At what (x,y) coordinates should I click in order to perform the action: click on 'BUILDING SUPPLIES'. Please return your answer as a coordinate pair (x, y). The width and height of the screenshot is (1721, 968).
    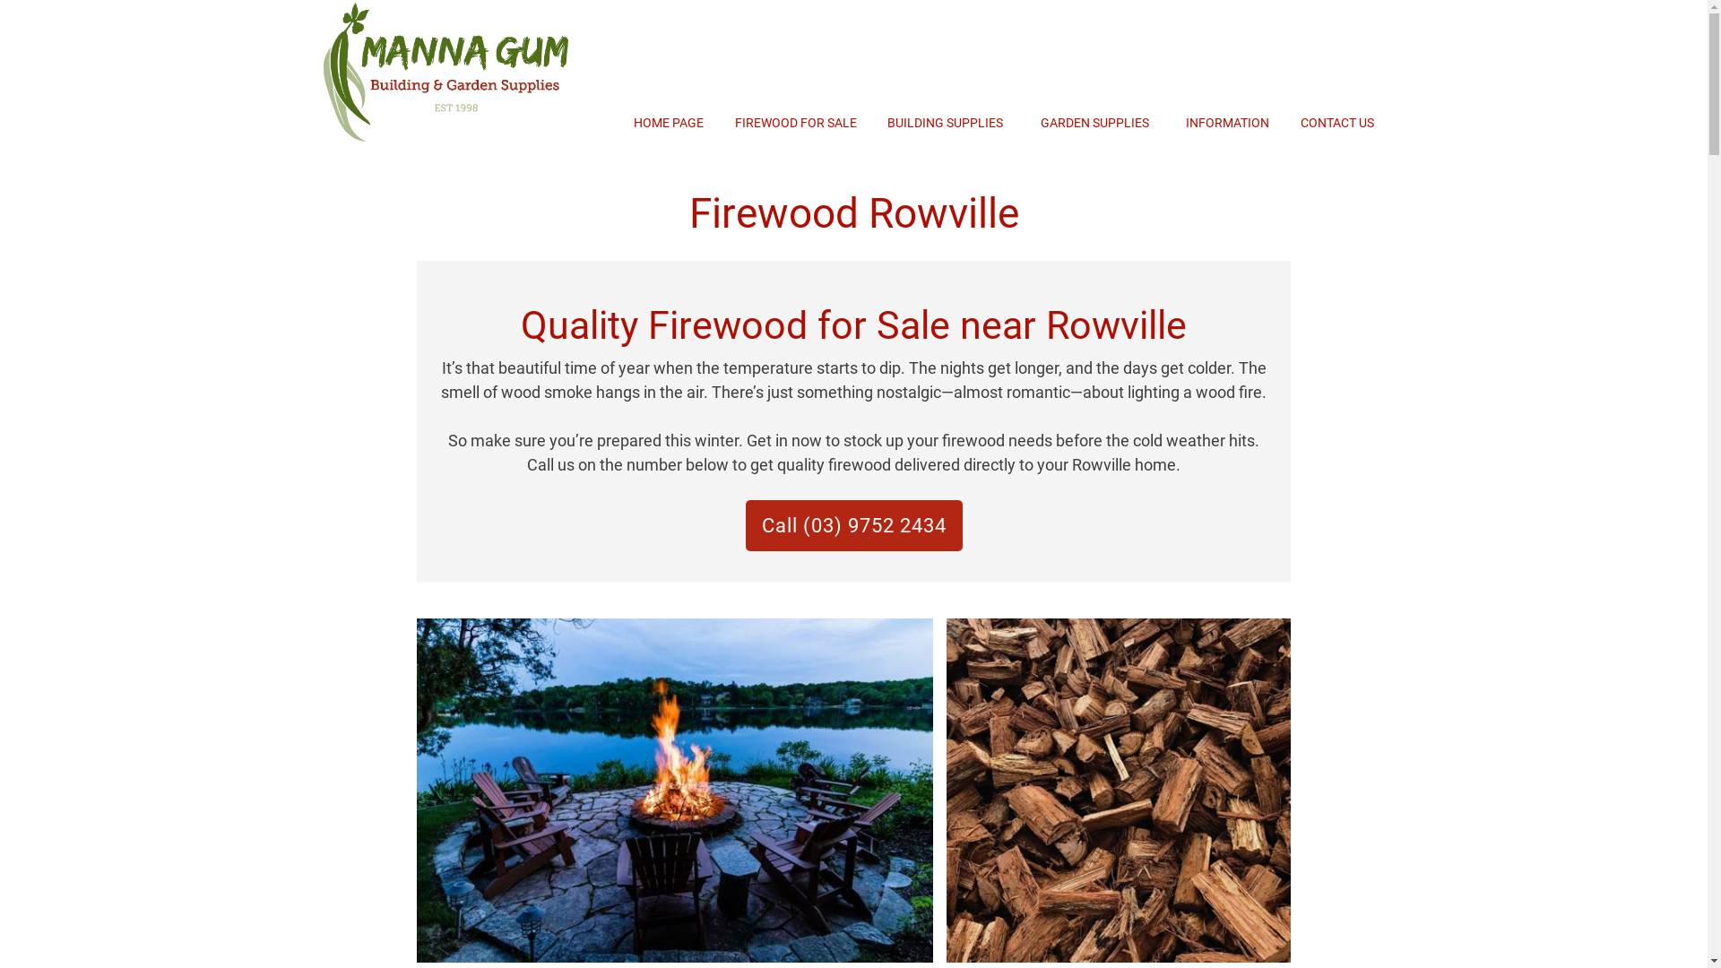
    Looking at the image, I should click on (886, 122).